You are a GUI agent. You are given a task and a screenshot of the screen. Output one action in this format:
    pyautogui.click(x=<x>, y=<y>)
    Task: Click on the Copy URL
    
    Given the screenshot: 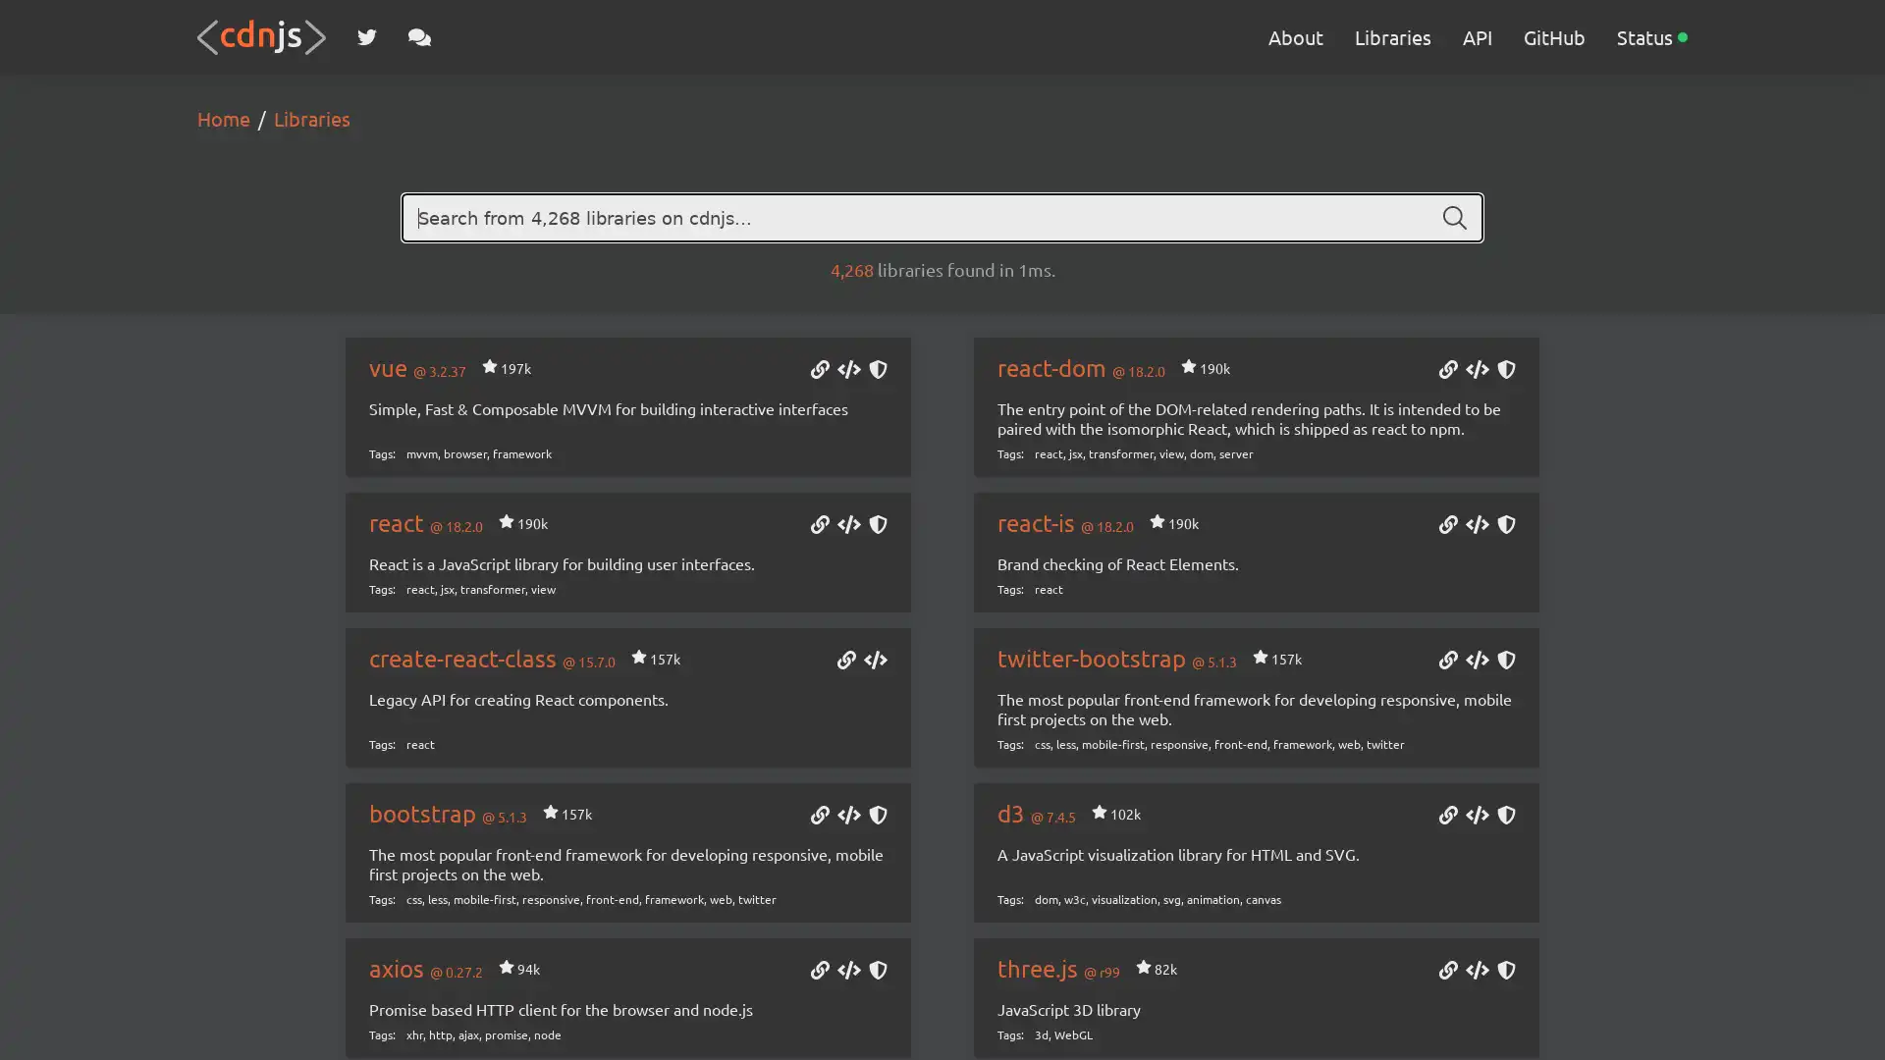 What is the action you would take?
    pyautogui.click(x=1447, y=662)
    